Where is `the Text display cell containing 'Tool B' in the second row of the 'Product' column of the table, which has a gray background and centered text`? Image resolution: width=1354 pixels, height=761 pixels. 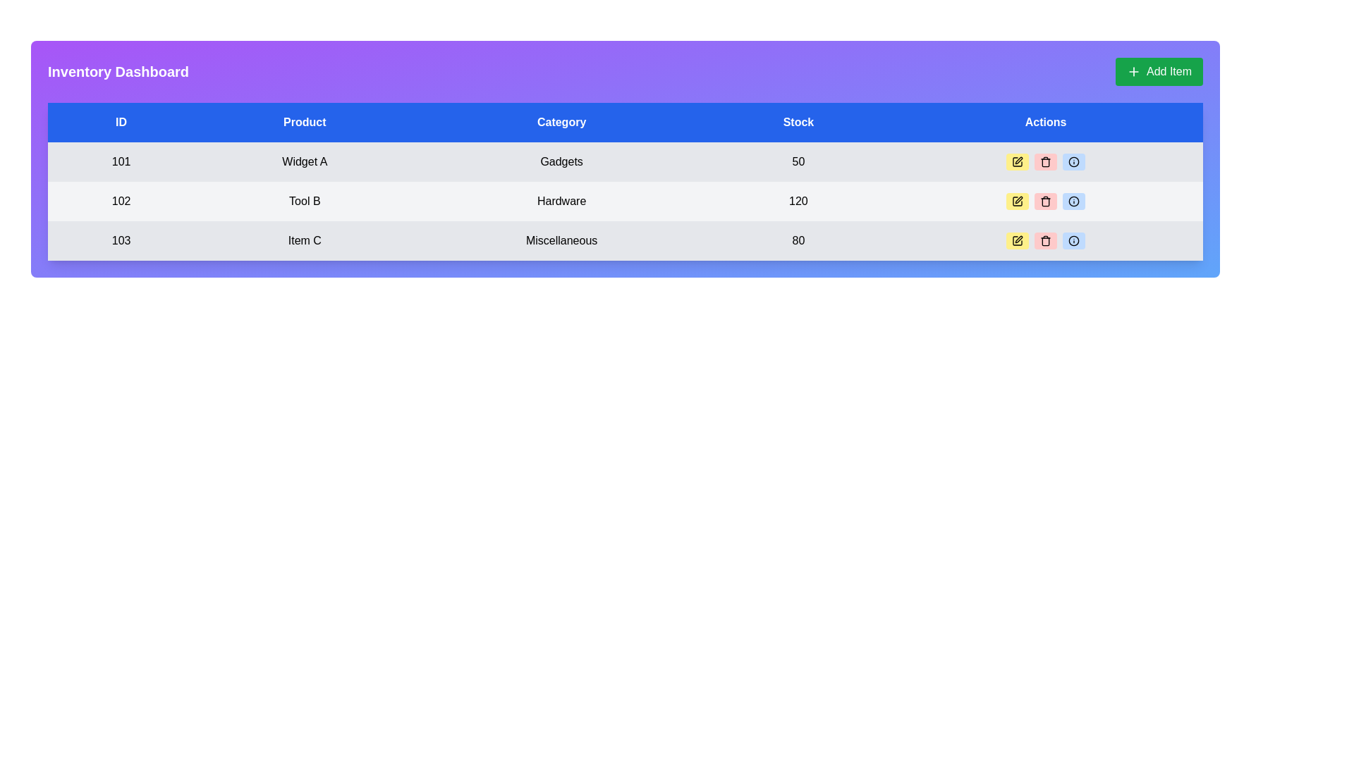 the Text display cell containing 'Tool B' in the second row of the 'Product' column of the table, which has a gray background and centered text is located at coordinates (304, 201).